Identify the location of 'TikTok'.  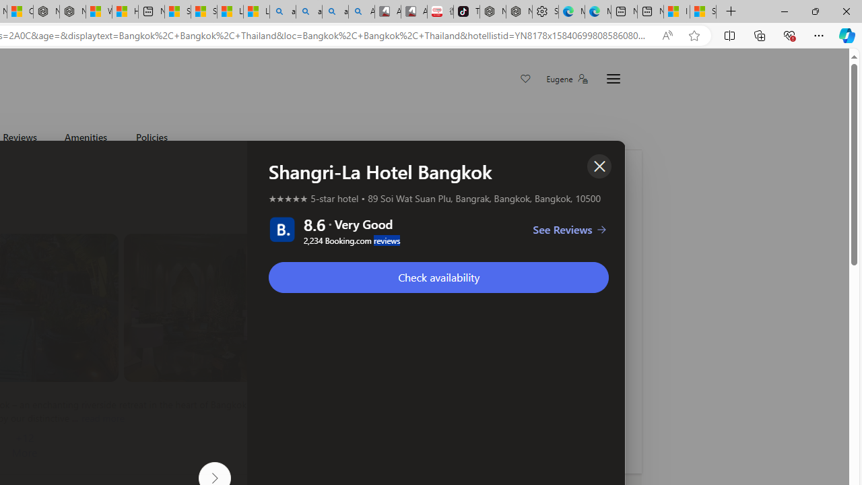
(467, 11).